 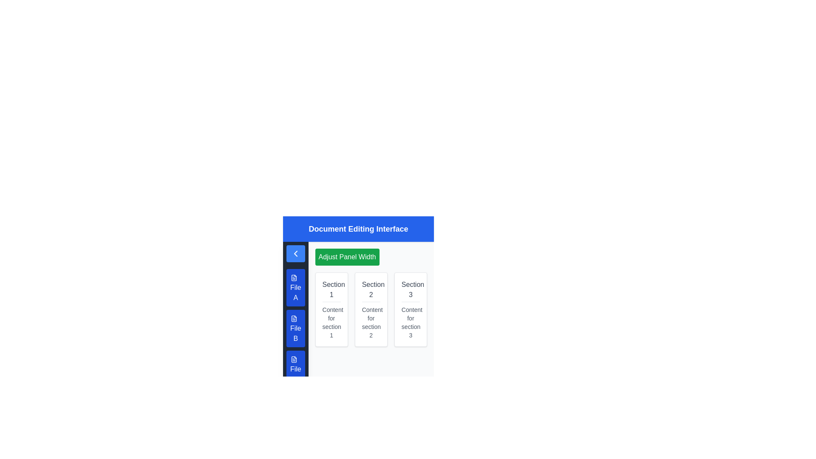 What do you see at coordinates (294, 278) in the screenshot?
I see `the document icon styled element on the blue sidebar` at bounding box center [294, 278].